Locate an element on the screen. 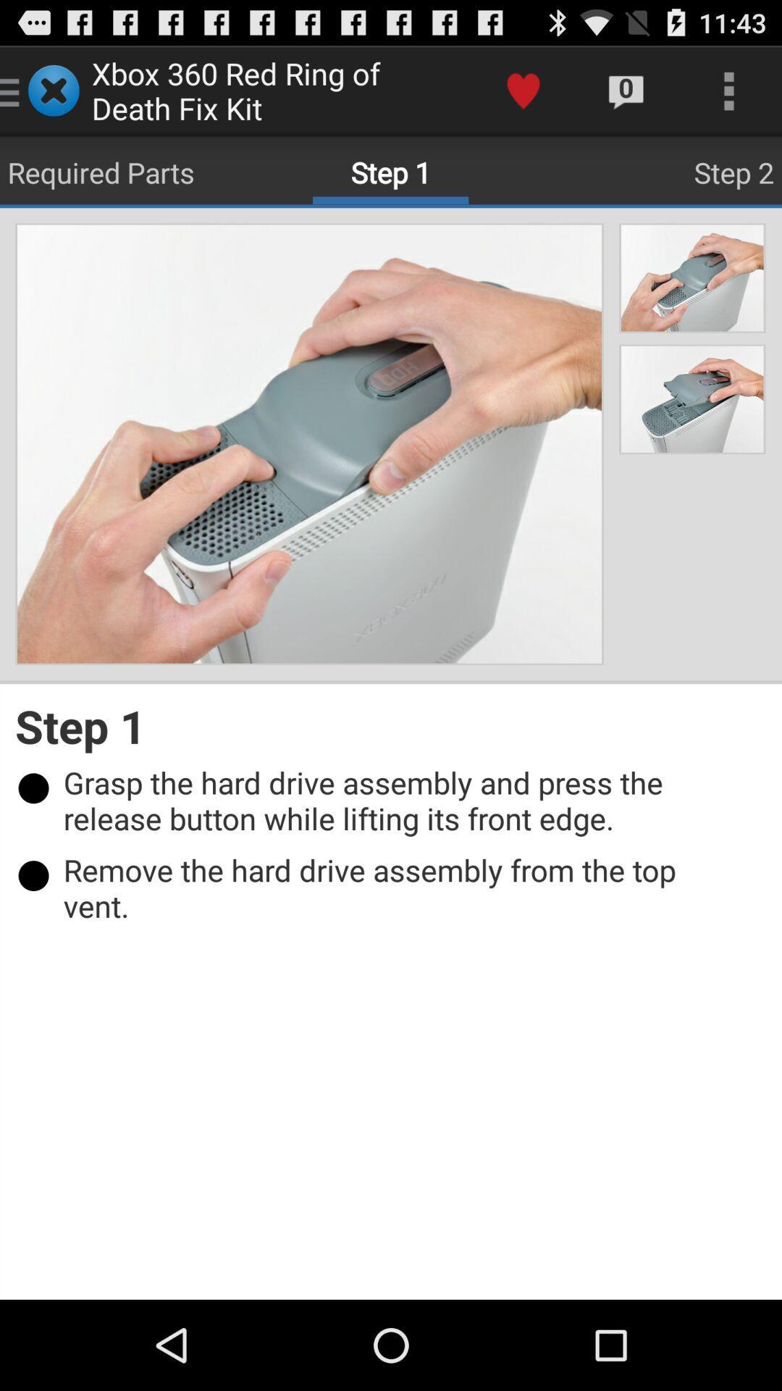 Image resolution: width=782 pixels, height=1391 pixels. the icon to the right of the xbox 360 red icon is located at coordinates (523, 90).